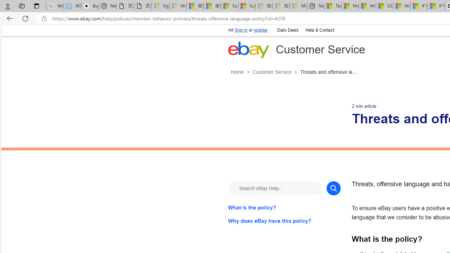 This screenshot has height=253, width=450. What do you see at coordinates (241, 30) in the screenshot?
I see `'Sign in'` at bounding box center [241, 30].